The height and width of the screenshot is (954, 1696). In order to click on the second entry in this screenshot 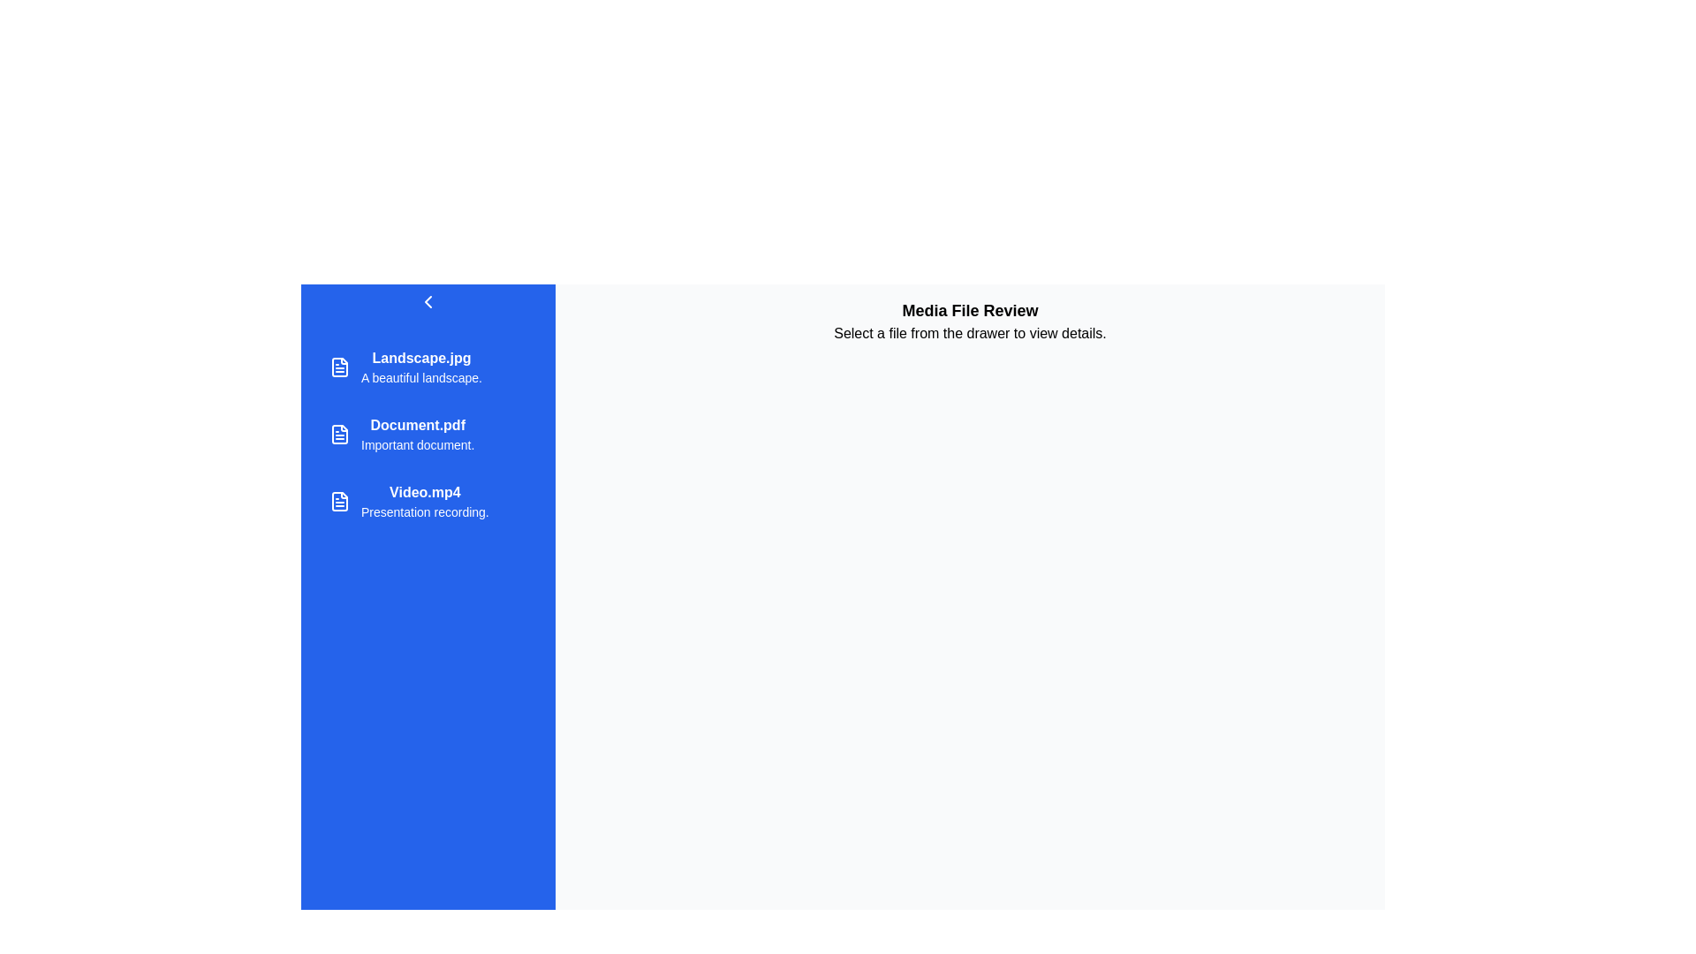, I will do `click(428, 435)`.